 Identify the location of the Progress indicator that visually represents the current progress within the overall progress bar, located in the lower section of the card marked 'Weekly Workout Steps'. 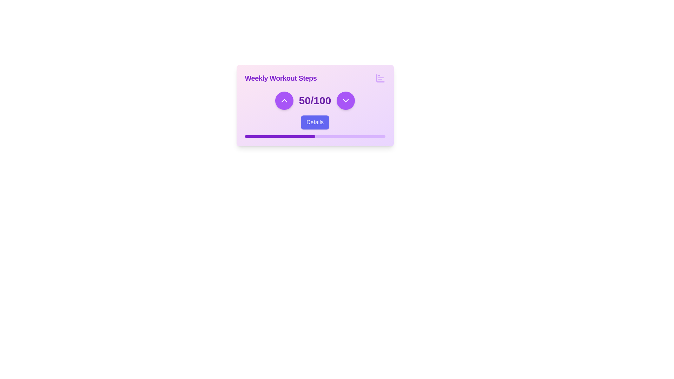
(279, 137).